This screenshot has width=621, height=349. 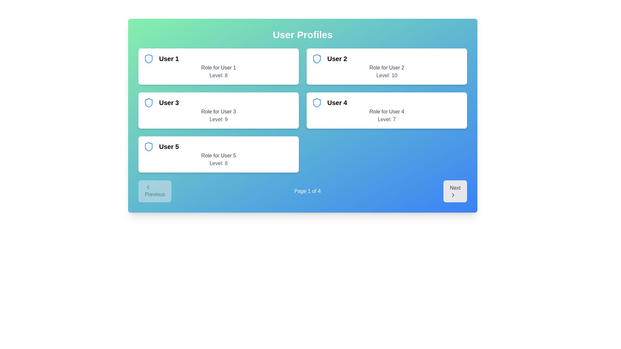 I want to click on the shield icon located in the top-left corner of the card labeled 'User 1', positioned to the left of the username text, so click(x=148, y=58).